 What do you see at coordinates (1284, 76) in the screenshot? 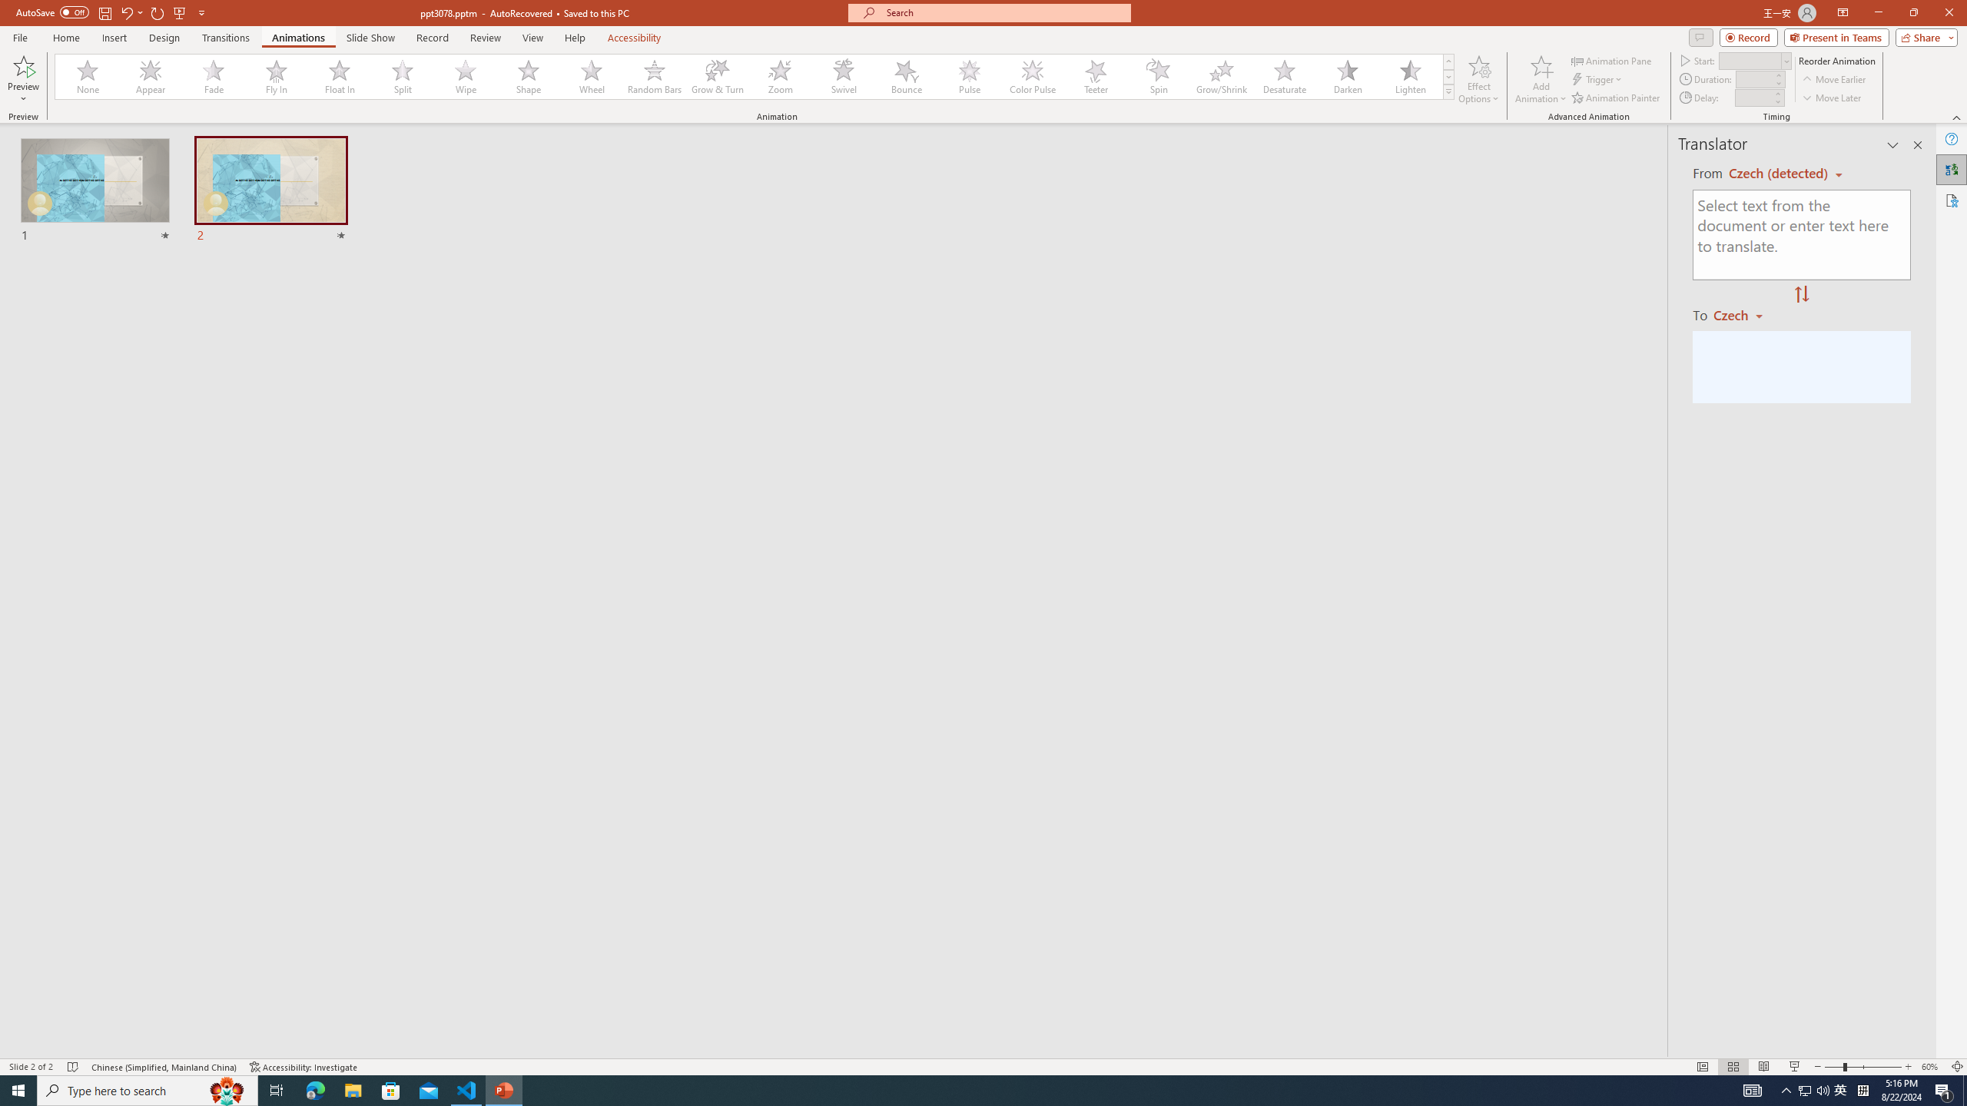
I see `'Desaturate'` at bounding box center [1284, 76].